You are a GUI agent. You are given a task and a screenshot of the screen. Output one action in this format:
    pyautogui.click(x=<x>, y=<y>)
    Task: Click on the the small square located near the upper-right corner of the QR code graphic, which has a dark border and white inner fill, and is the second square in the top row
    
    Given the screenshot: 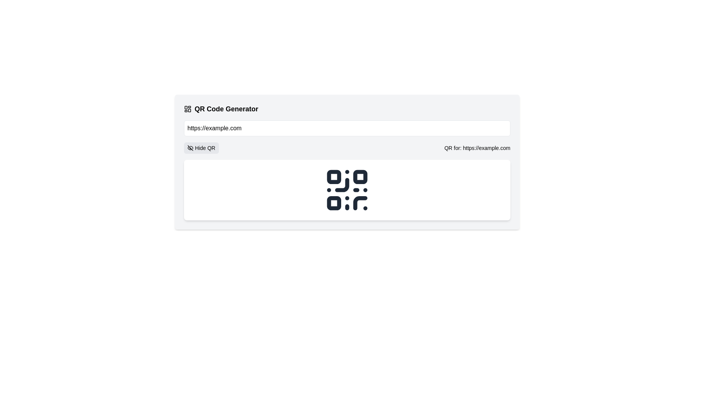 What is the action you would take?
    pyautogui.click(x=360, y=177)
    